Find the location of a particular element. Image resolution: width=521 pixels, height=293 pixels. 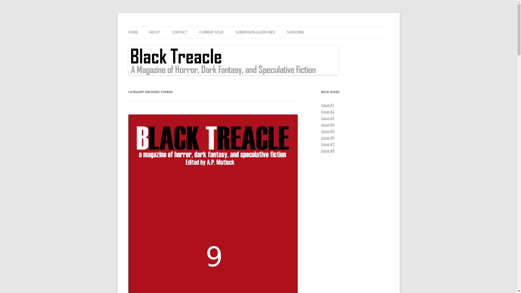

'HOME' is located at coordinates (133, 32).